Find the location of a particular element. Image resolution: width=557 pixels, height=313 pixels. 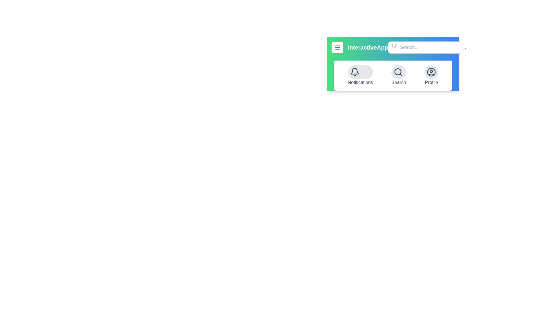

the search button to activate the search functionality is located at coordinates (398, 72).